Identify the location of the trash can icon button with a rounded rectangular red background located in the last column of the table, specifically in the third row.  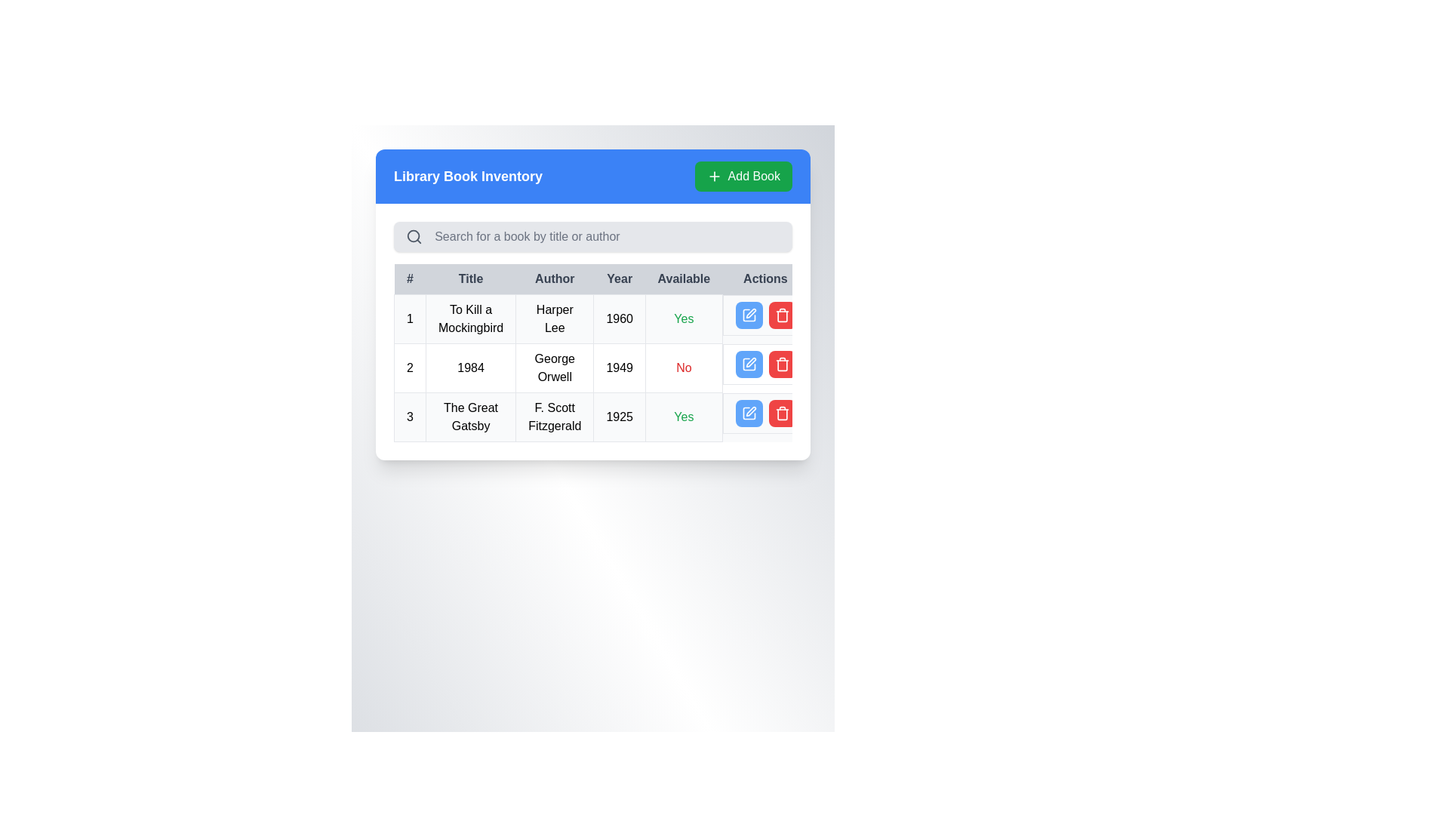
(782, 364).